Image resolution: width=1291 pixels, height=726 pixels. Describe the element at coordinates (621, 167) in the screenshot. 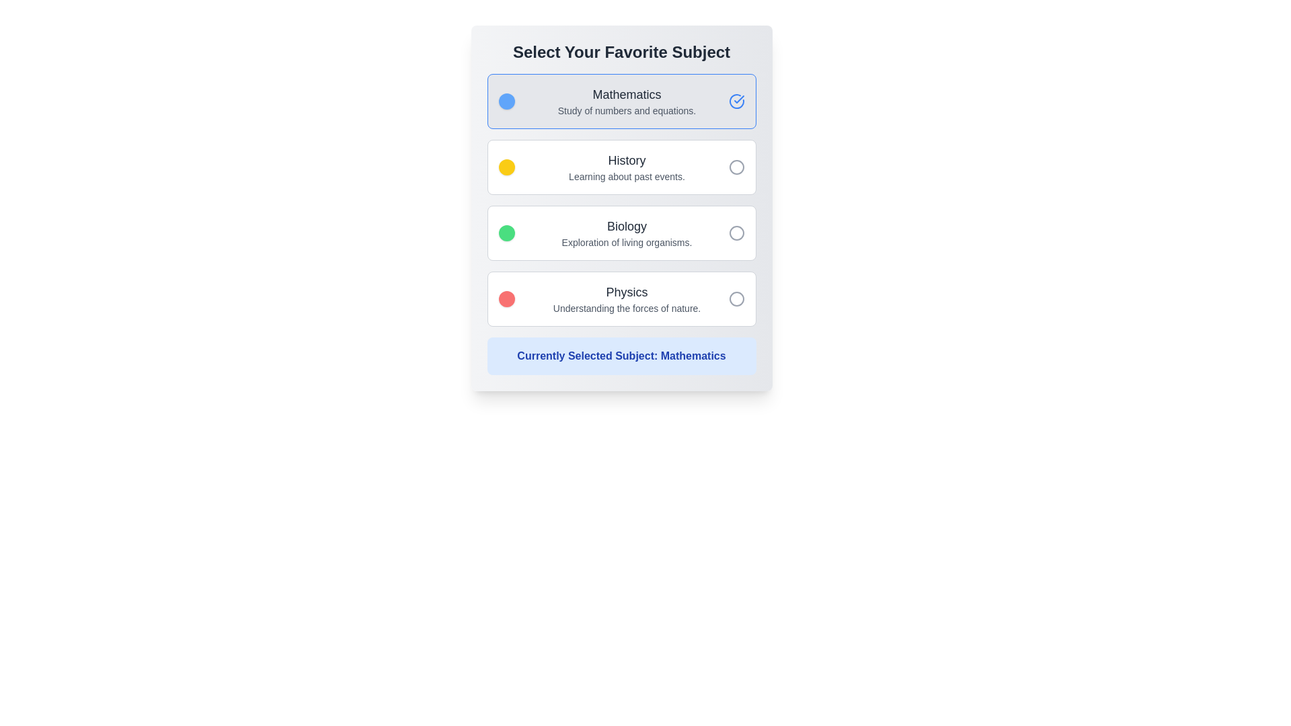

I see `the 'History' selectable card option with a radio button` at that location.